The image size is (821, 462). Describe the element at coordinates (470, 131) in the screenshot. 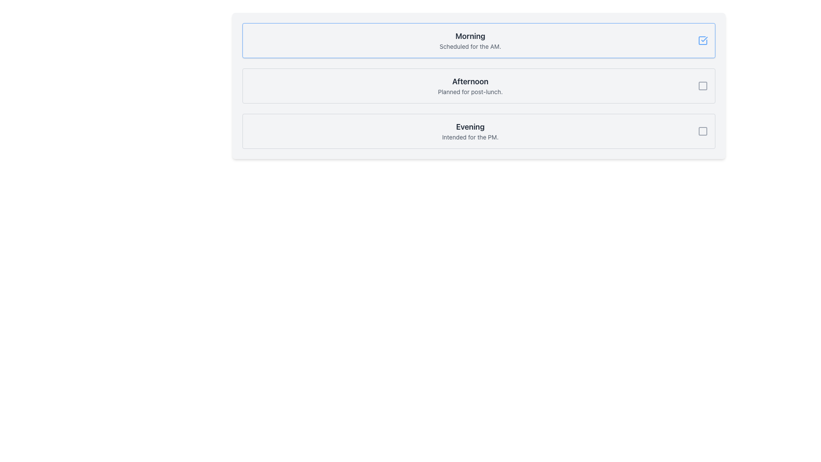

I see `the static text element that displays 'Evening' prominently in bold, located in the third option of a vertical list, positioned below 'Afternoon' and above further interface elements` at that location.